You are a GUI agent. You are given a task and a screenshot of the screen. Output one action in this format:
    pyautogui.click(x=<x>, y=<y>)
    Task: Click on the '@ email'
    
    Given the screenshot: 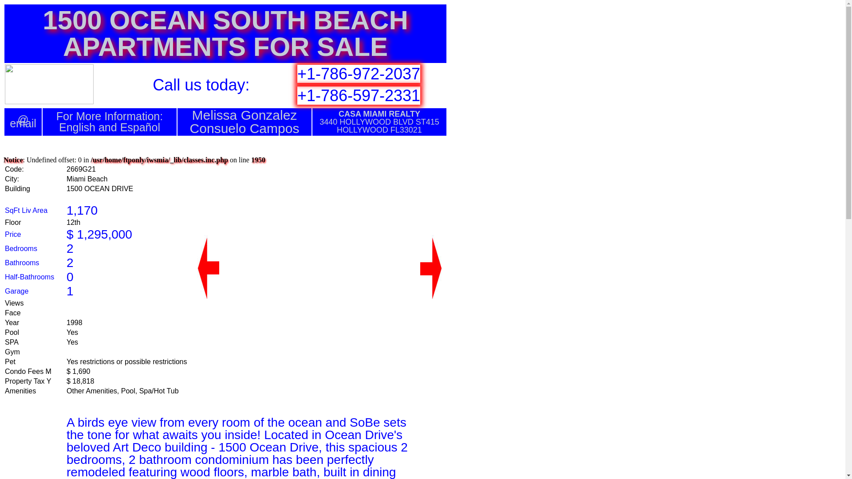 What is the action you would take?
    pyautogui.click(x=23, y=122)
    